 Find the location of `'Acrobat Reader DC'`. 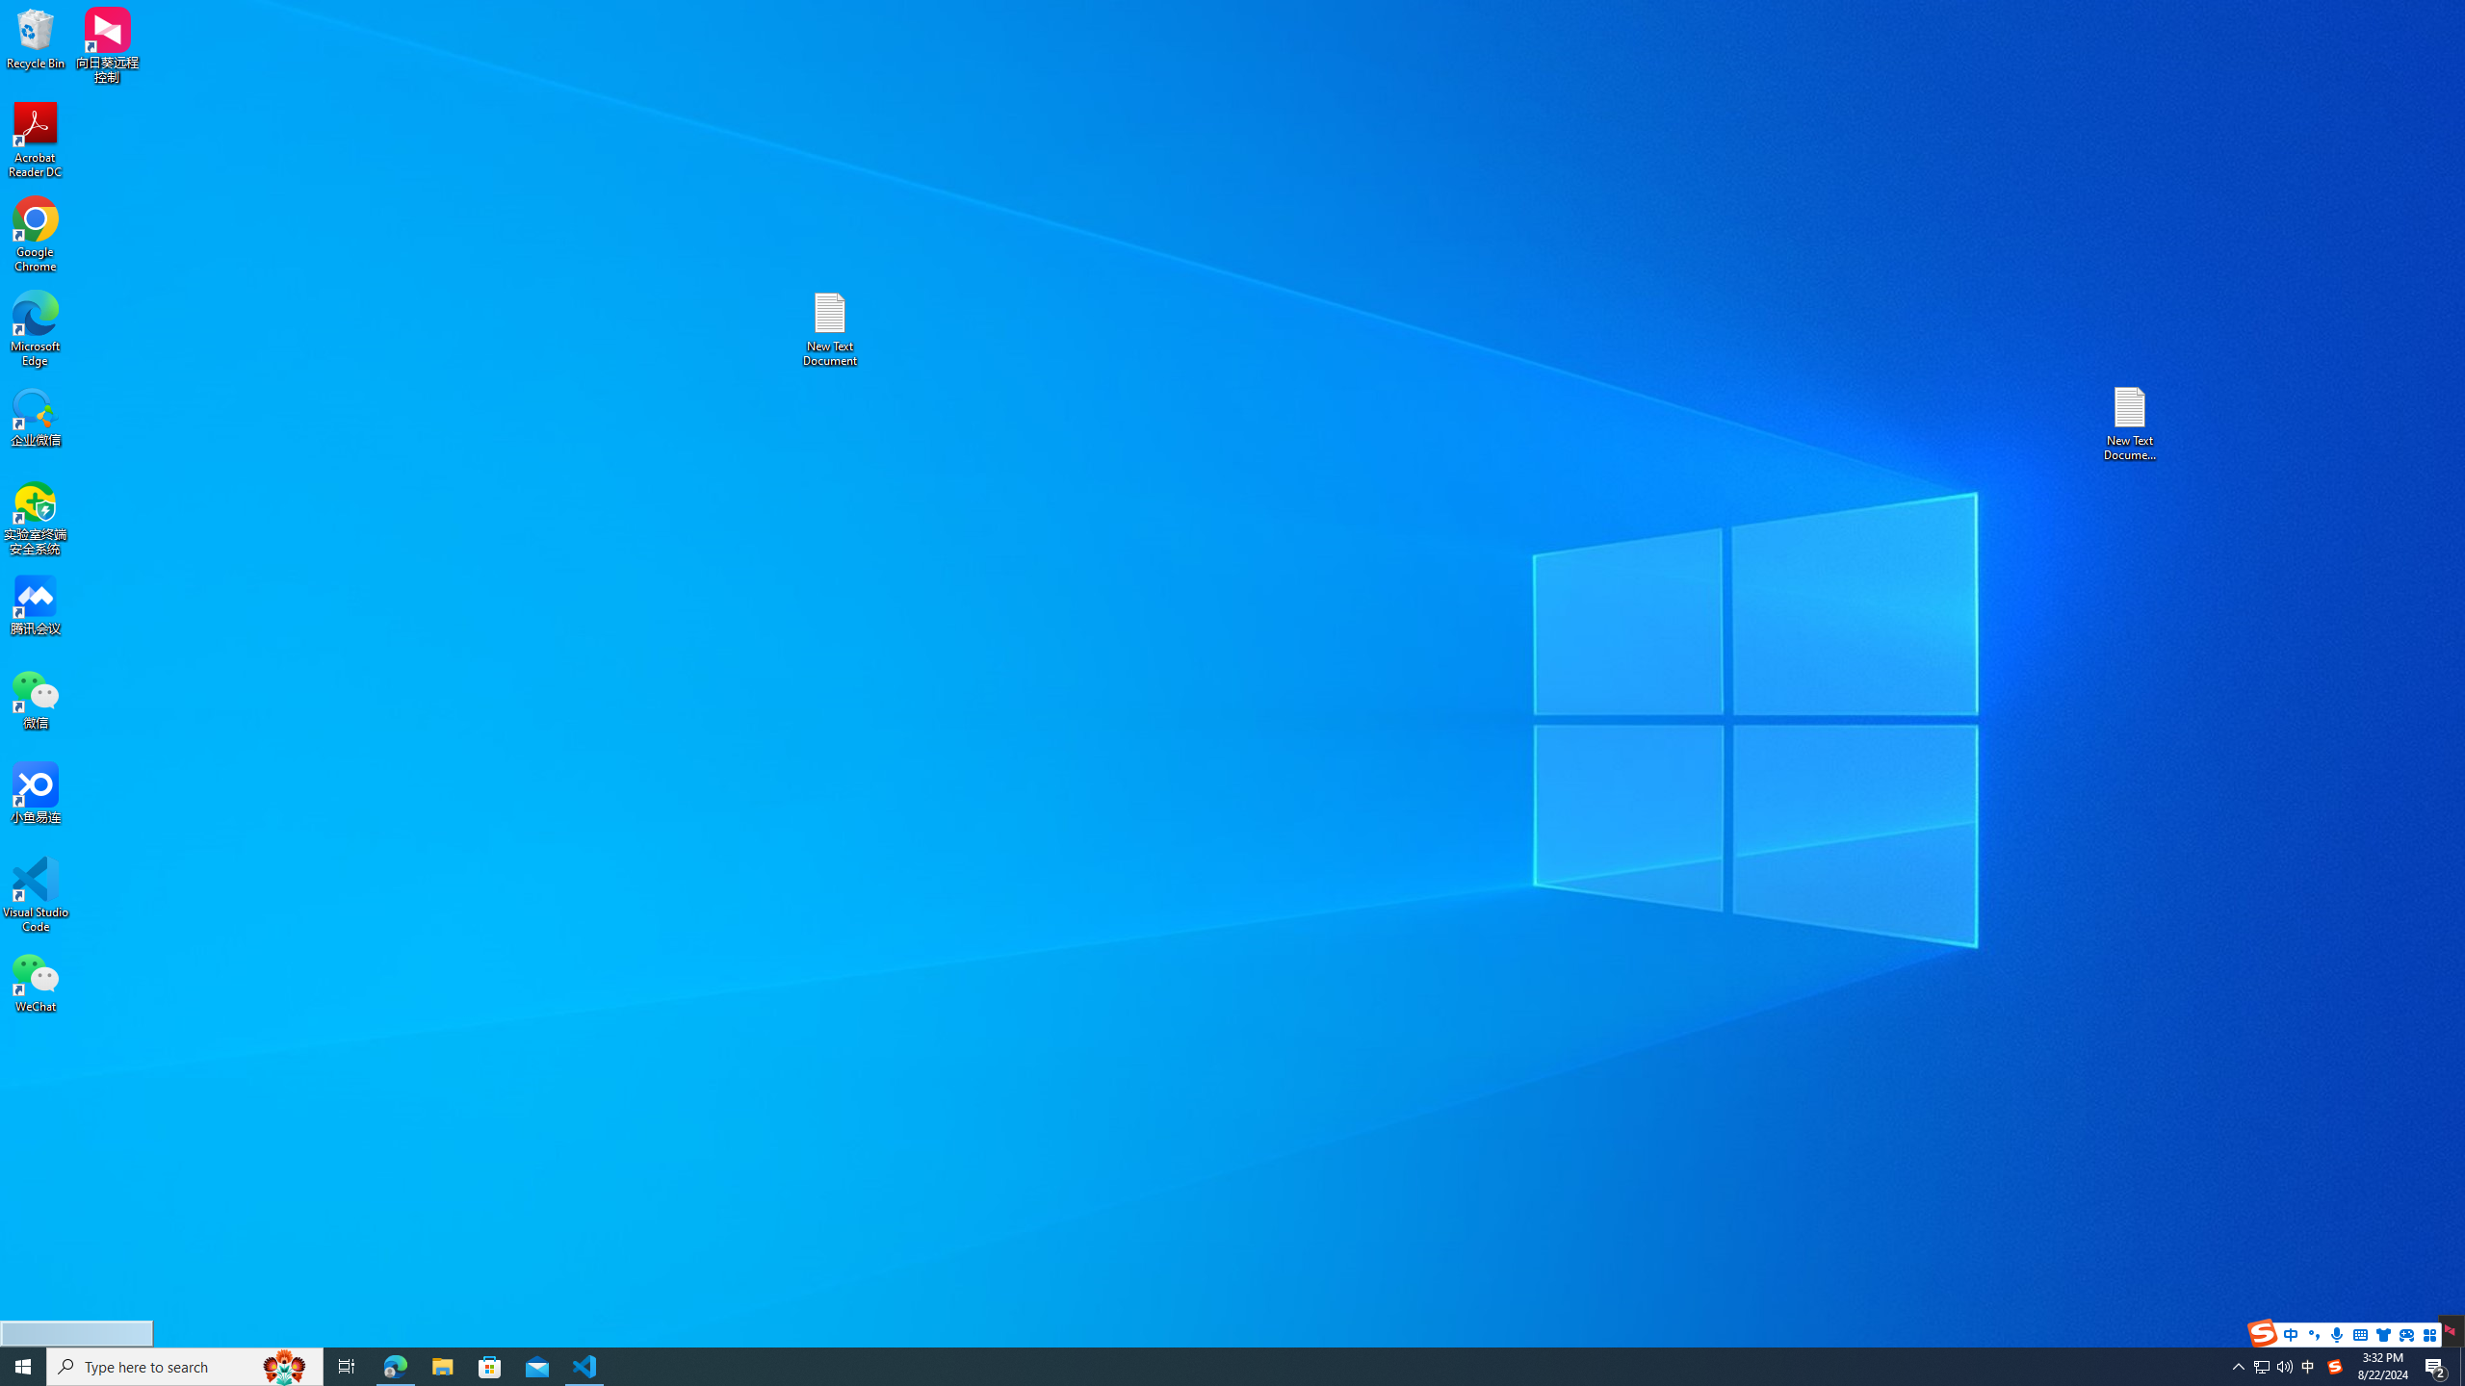

'Acrobat Reader DC' is located at coordinates (35, 140).